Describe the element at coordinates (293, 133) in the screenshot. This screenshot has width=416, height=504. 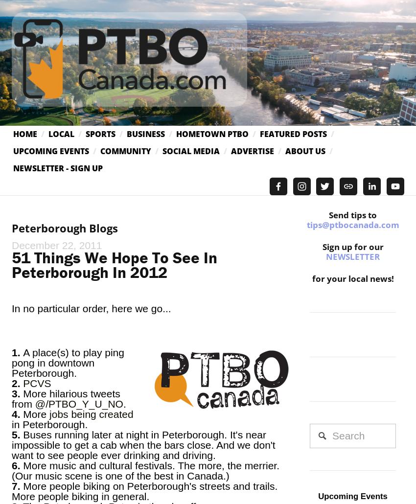
I see `'Featured Posts'` at that location.